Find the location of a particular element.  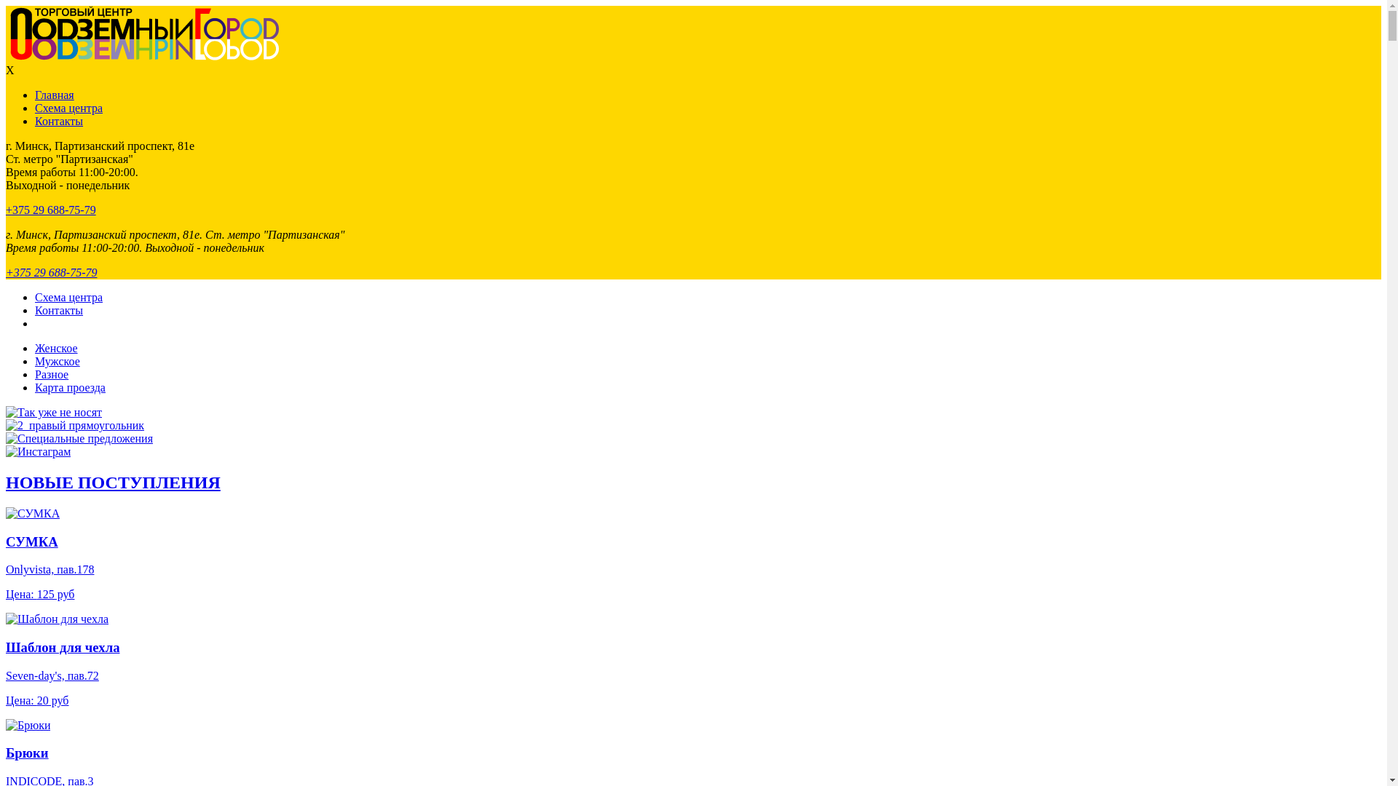

'+375 29 688-75-79' is located at coordinates (51, 272).